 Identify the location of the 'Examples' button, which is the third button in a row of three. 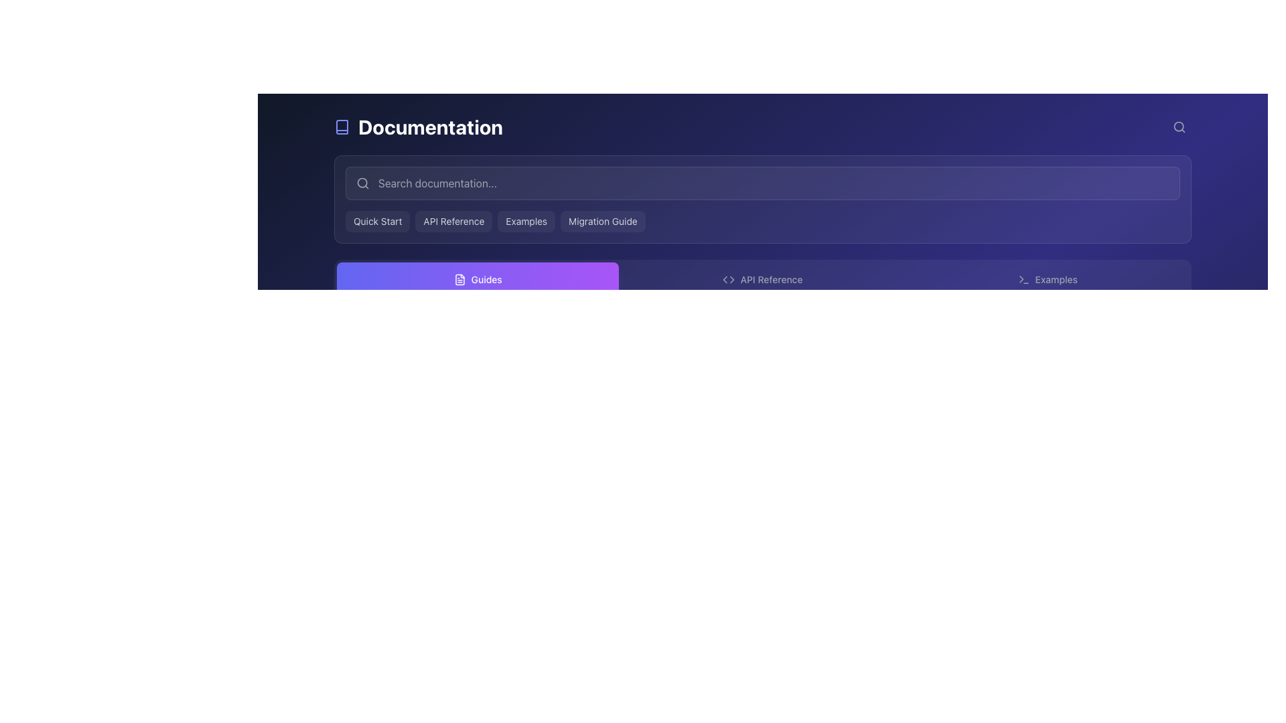
(1047, 278).